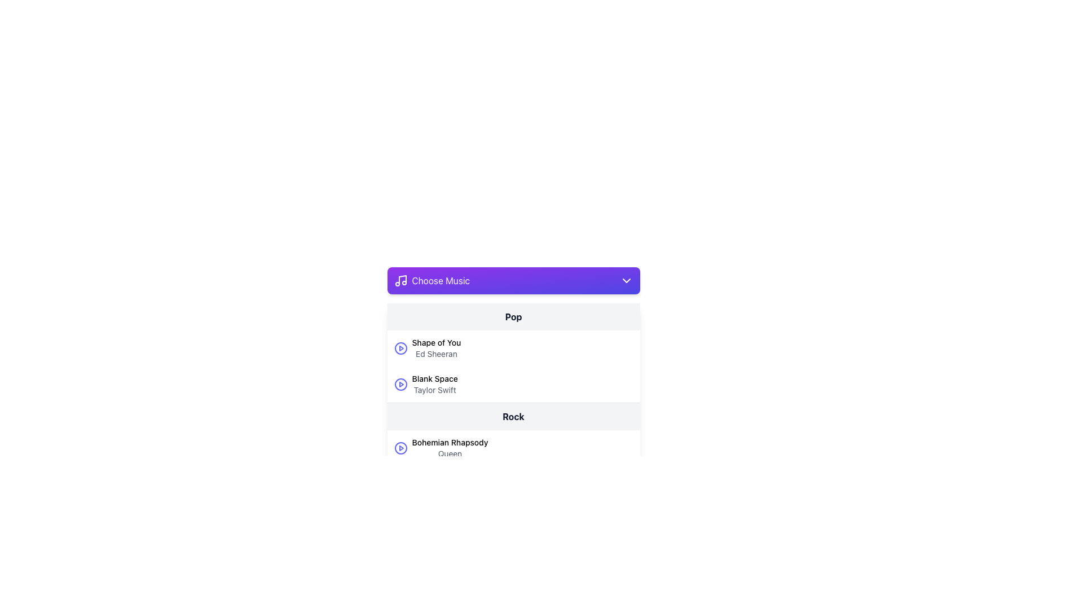  What do you see at coordinates (402, 279) in the screenshot?
I see `the music selection icon located at the top left corner of the interface, embedded within a purple bar labeled 'Choose Music'` at bounding box center [402, 279].